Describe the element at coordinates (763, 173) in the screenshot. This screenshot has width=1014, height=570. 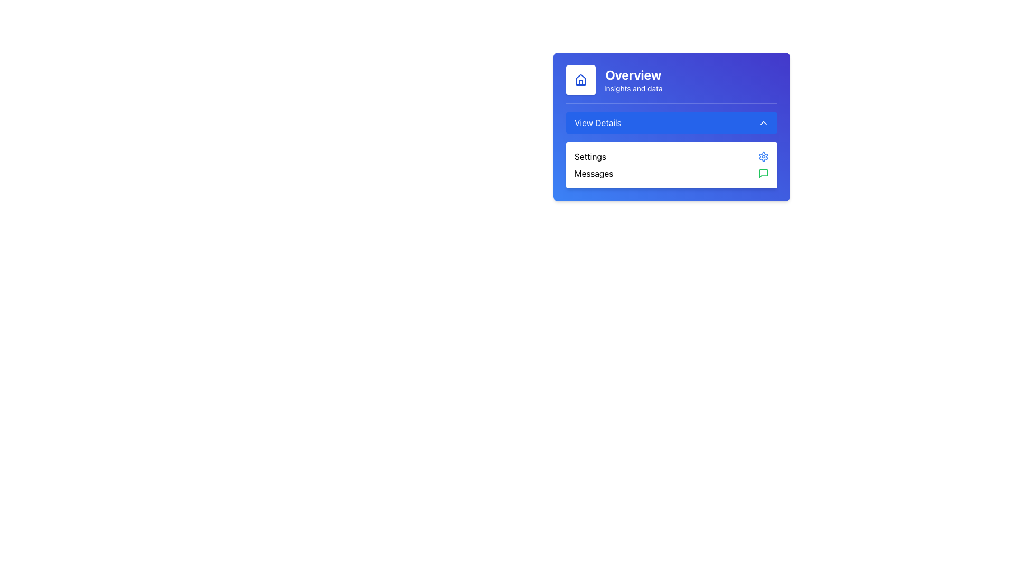
I see `the green speech bubble icon located to the immediate right of the 'Messages' text label in the dropdown list` at that location.